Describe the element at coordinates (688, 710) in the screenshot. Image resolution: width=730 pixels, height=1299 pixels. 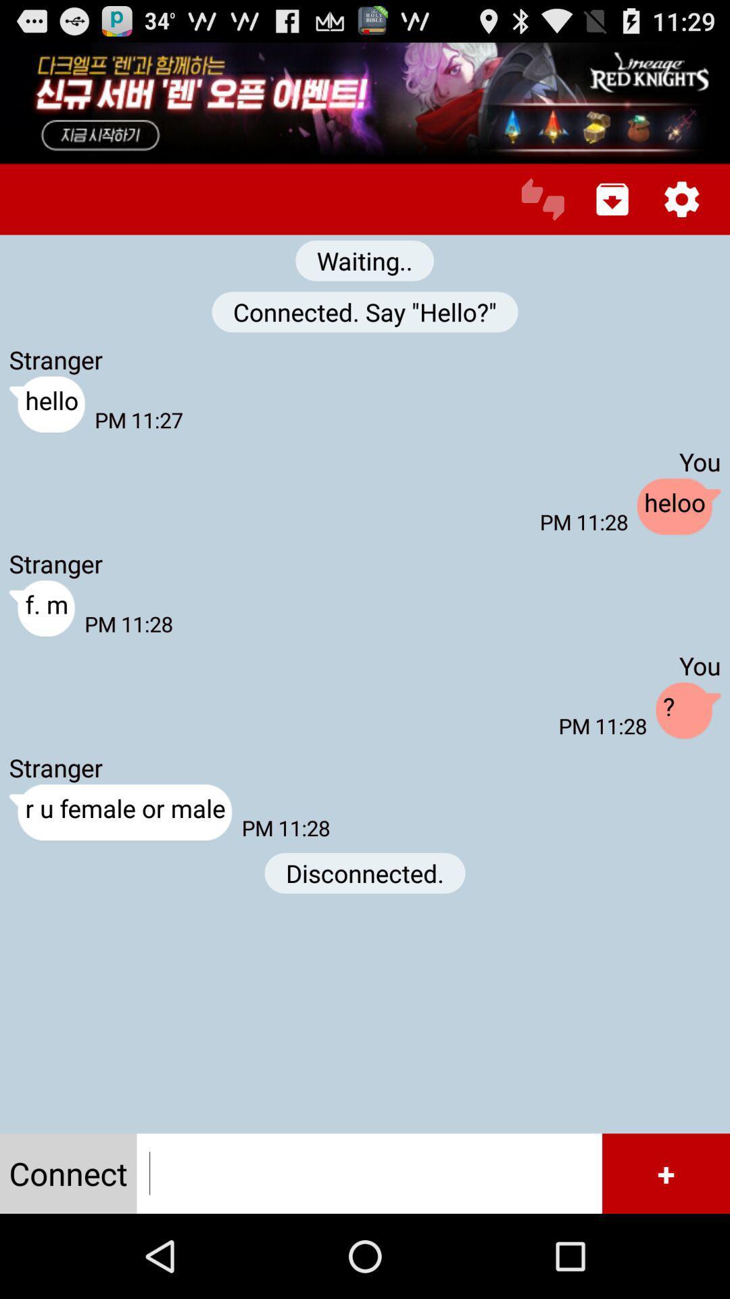
I see `the ? app` at that location.